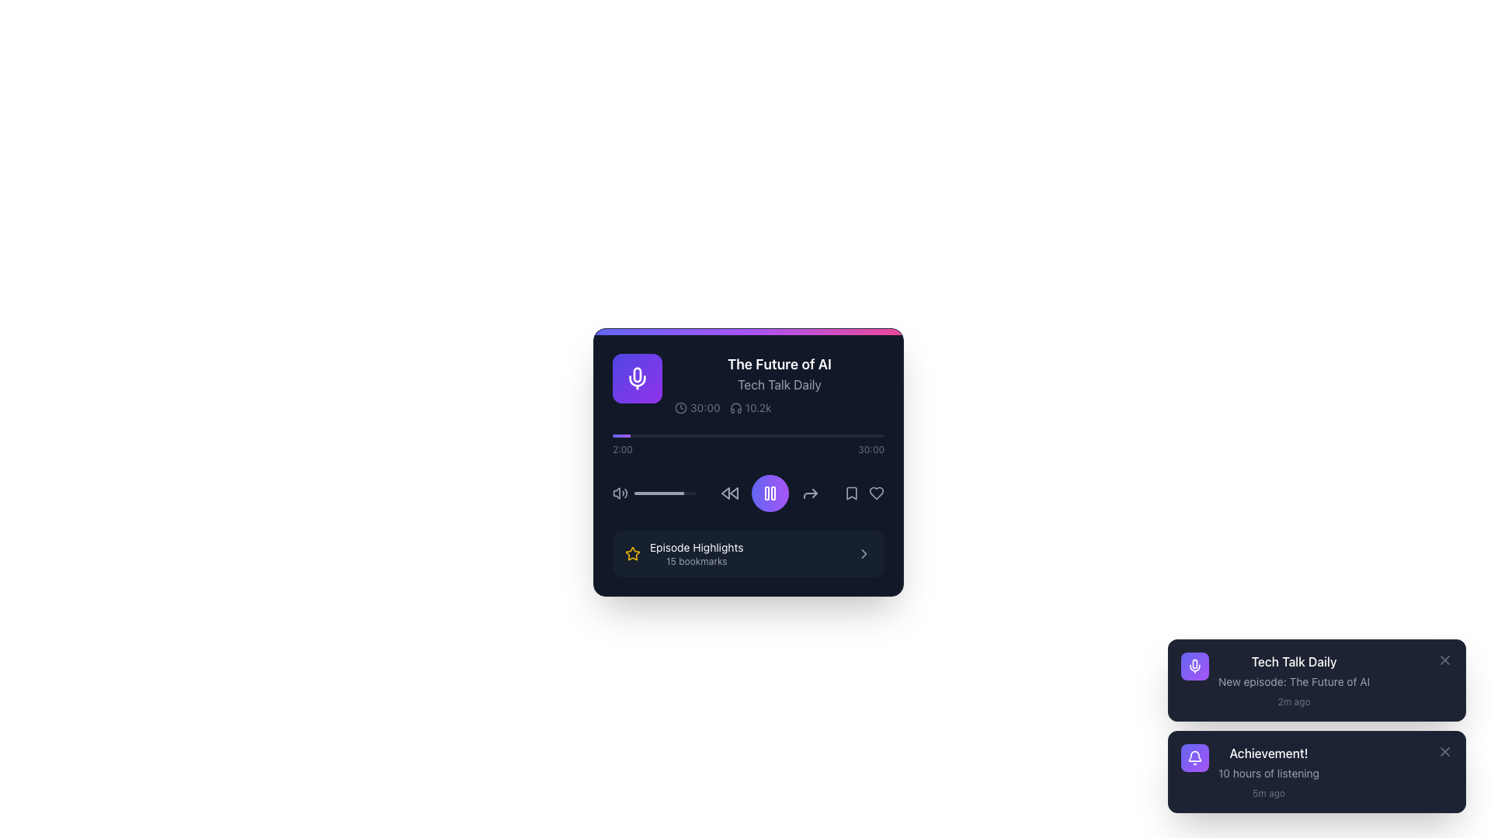 Image resolution: width=1491 pixels, height=838 pixels. Describe the element at coordinates (1194, 757) in the screenshot. I see `the Icon button, which is a small, rounded-square button with a gradient background and a white bell icon, located next to the notification text 'Achievement! 10 hours of listening'` at that location.